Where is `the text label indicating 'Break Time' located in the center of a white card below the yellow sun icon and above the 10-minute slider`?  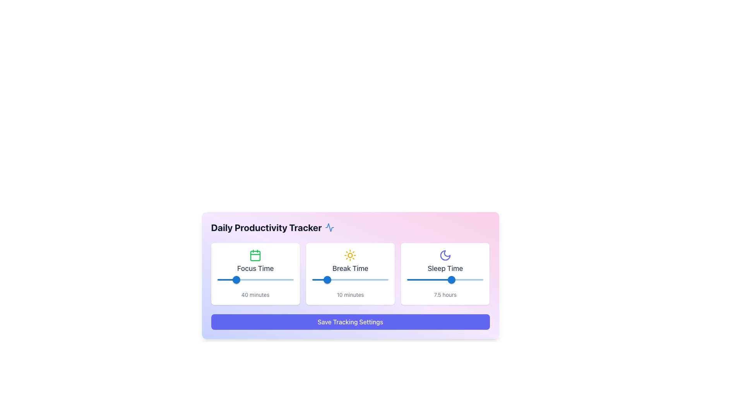
the text label indicating 'Break Time' located in the center of a white card below the yellow sun icon and above the 10-minute slider is located at coordinates (350, 268).